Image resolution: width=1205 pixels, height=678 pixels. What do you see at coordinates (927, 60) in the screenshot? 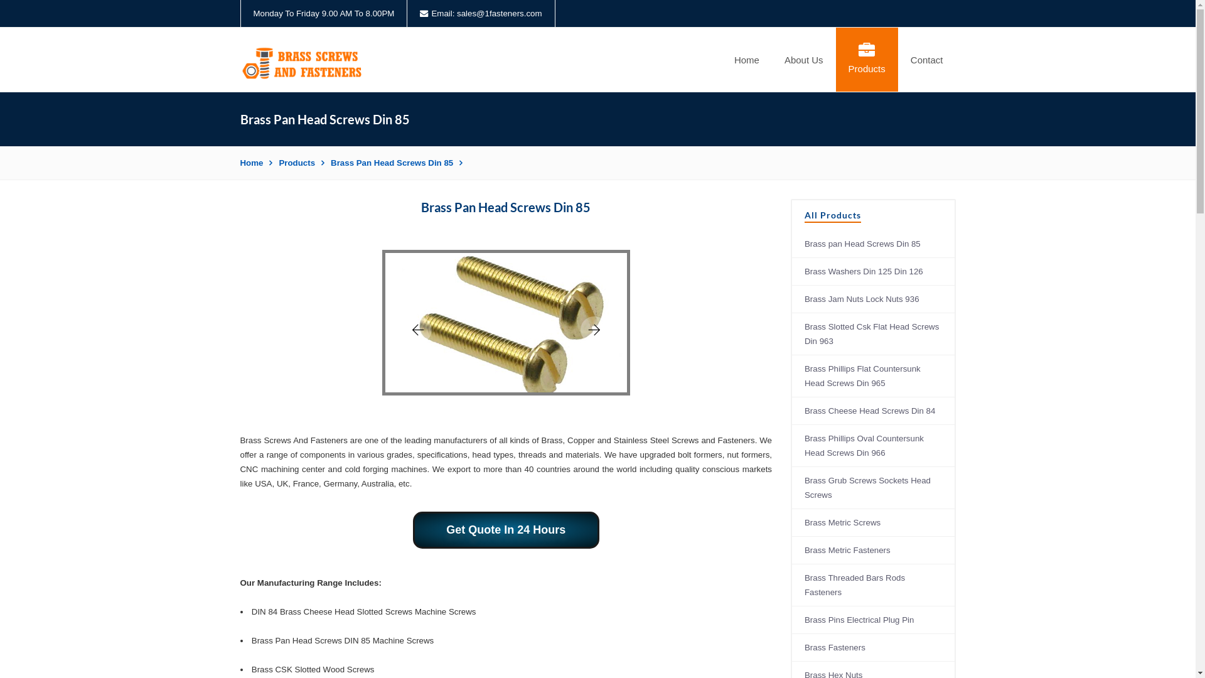
I see `'Contact'` at bounding box center [927, 60].